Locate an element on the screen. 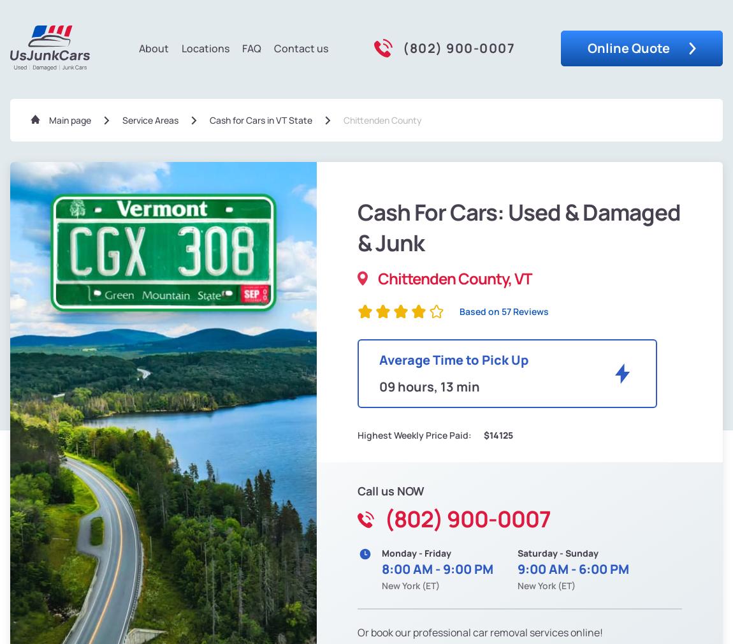 The image size is (733, 644). '$14125' is located at coordinates (497, 434).